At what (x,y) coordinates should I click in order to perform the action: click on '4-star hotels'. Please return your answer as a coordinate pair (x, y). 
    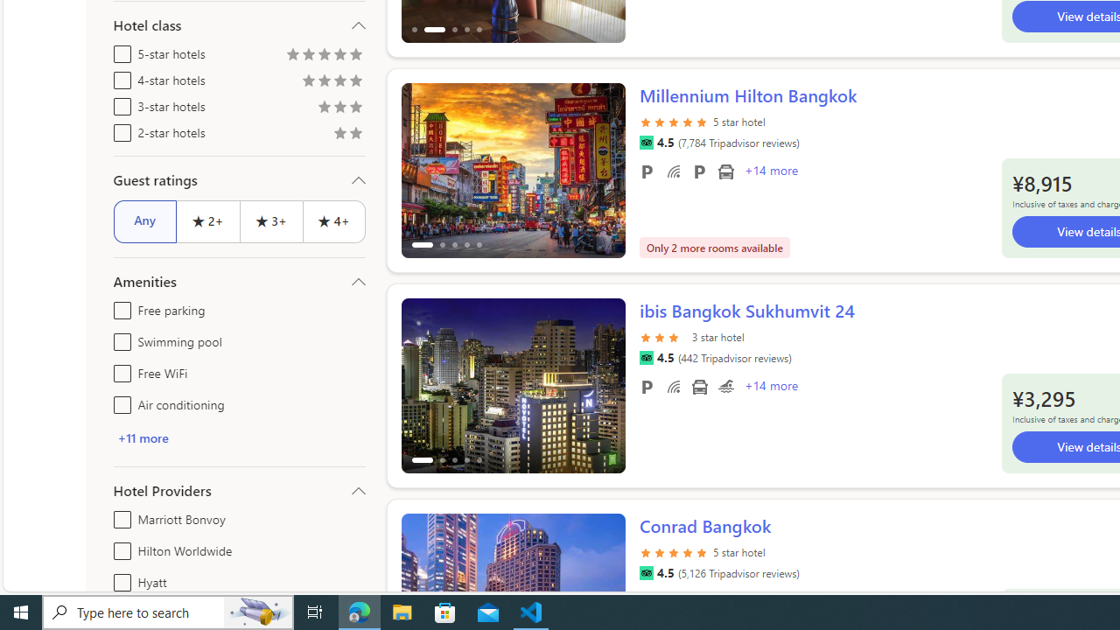
    Looking at the image, I should click on (118, 76).